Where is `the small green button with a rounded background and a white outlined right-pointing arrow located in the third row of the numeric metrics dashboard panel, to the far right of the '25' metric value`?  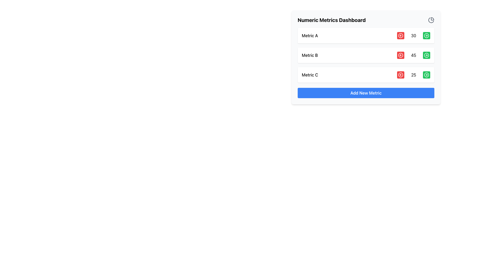 the small green button with a rounded background and a white outlined right-pointing arrow located in the third row of the numeric metrics dashboard panel, to the far right of the '25' metric value is located at coordinates (426, 75).